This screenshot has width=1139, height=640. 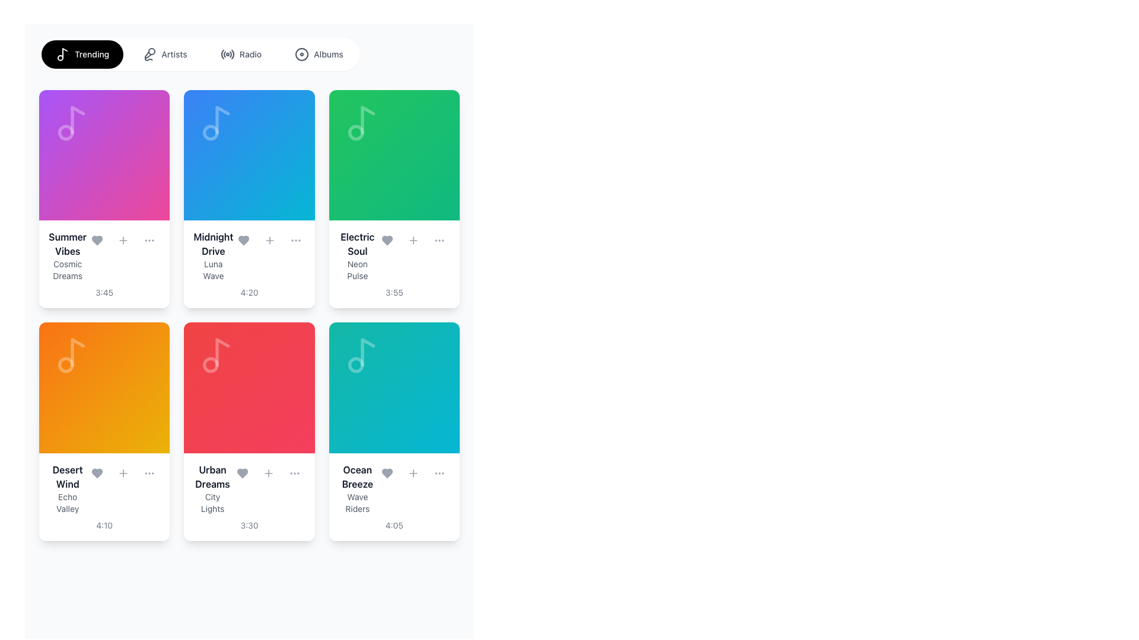 I want to click on text label displaying '3:55' located at the bottom of the card for 'Electric Soul' and 'Neon Pulse', so click(x=394, y=293).